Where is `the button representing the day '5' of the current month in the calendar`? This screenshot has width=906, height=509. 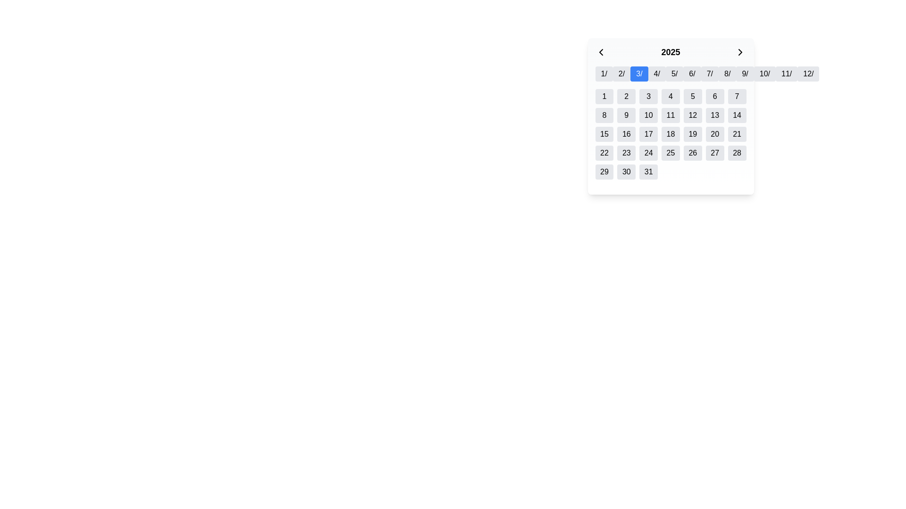
the button representing the day '5' of the current month in the calendar is located at coordinates (693, 96).